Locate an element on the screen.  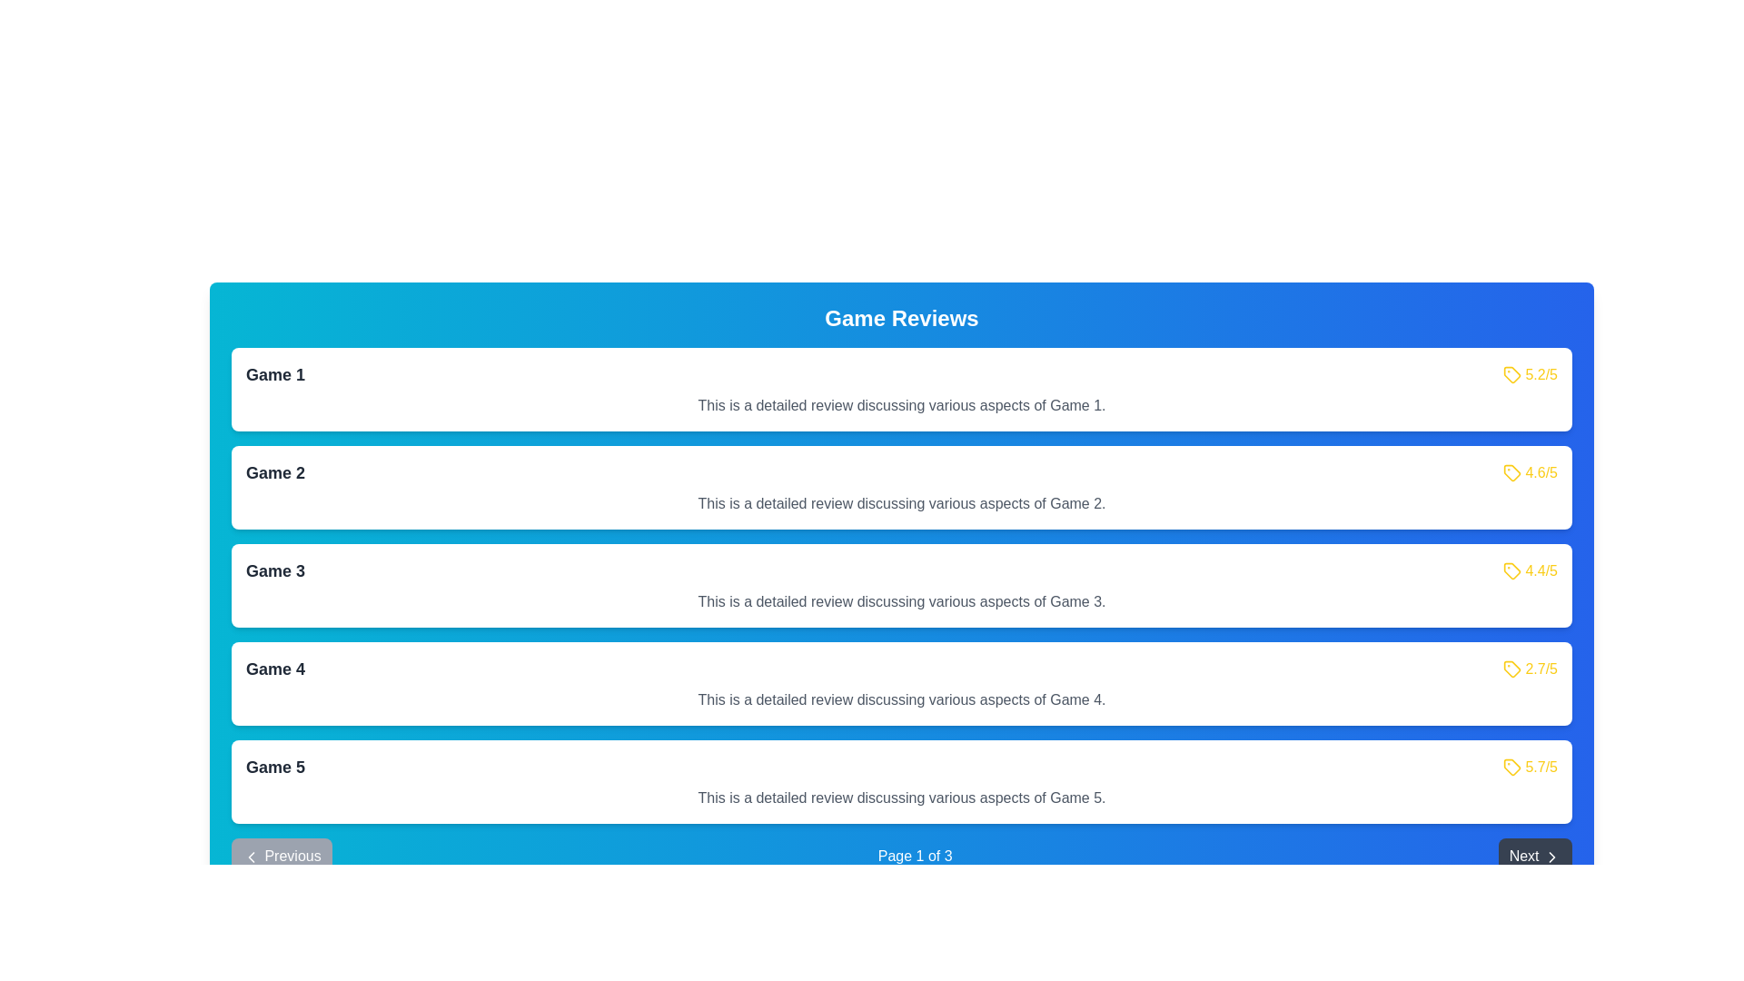
the summary display for 'Game 4' is located at coordinates (902, 669).